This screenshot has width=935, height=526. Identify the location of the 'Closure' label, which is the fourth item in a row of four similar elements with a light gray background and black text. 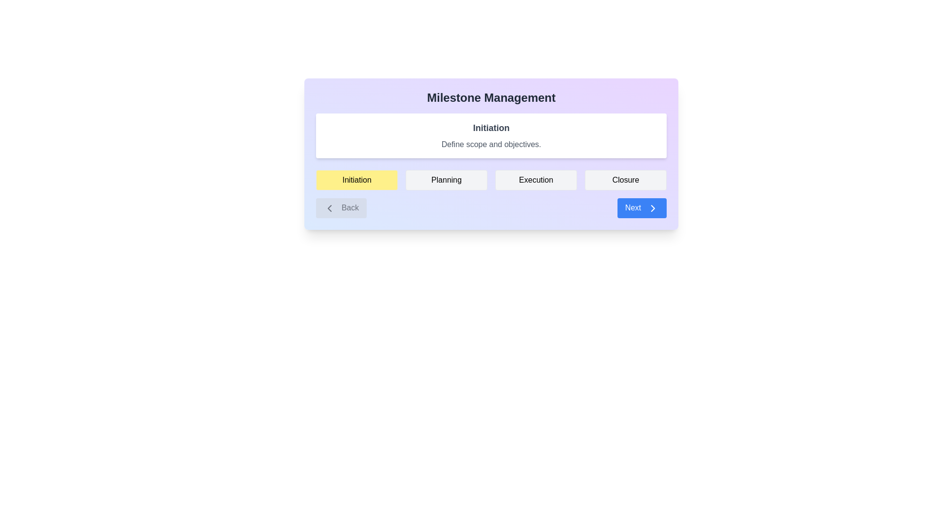
(626, 180).